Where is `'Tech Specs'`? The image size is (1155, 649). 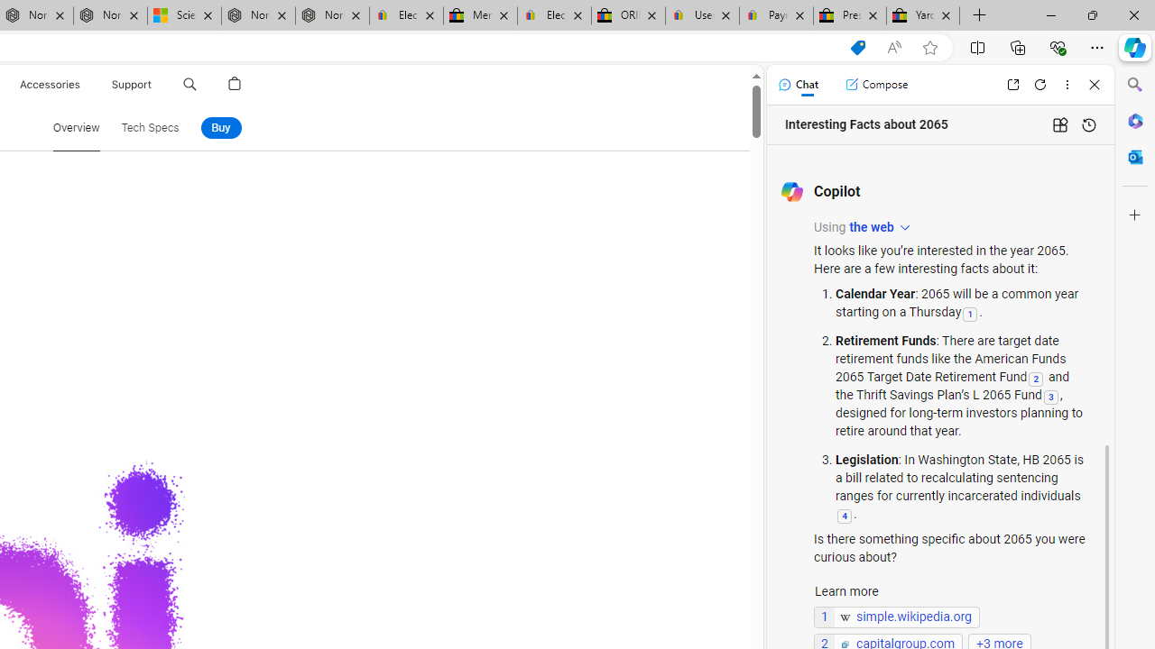 'Tech Specs' is located at coordinates (150, 126).